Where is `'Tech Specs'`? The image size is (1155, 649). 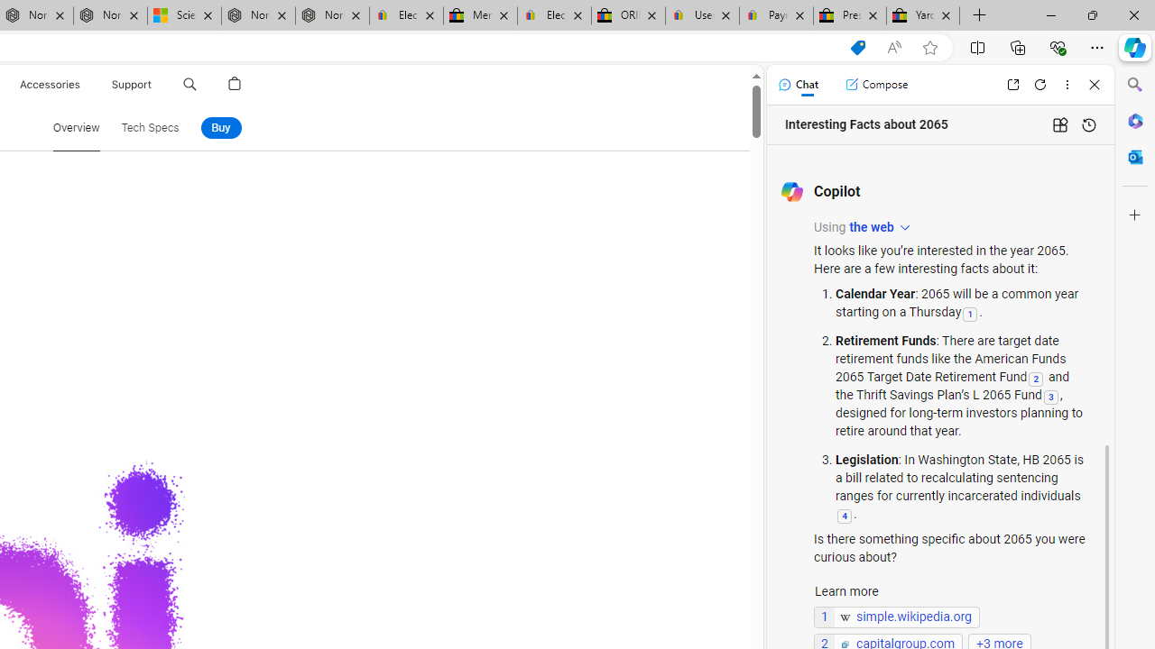 'Tech Specs' is located at coordinates (150, 126).